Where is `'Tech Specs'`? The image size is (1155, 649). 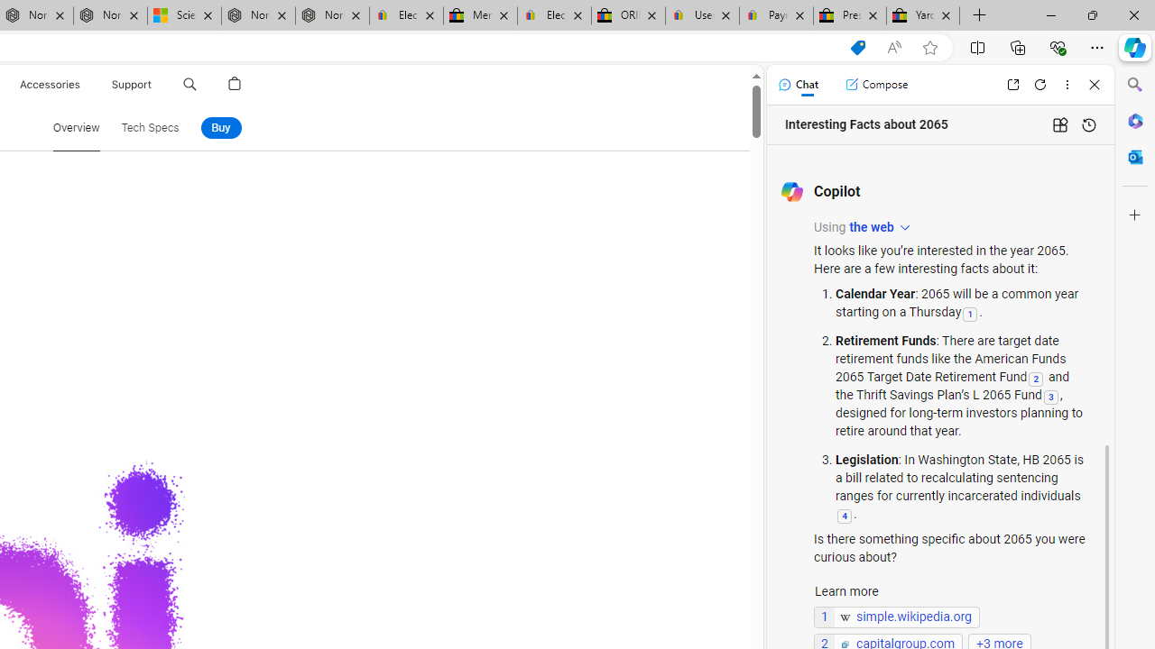 'Tech Specs' is located at coordinates (150, 126).